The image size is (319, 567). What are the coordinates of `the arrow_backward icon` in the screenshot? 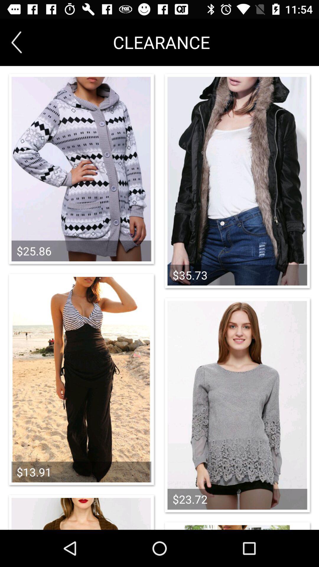 It's located at (16, 42).